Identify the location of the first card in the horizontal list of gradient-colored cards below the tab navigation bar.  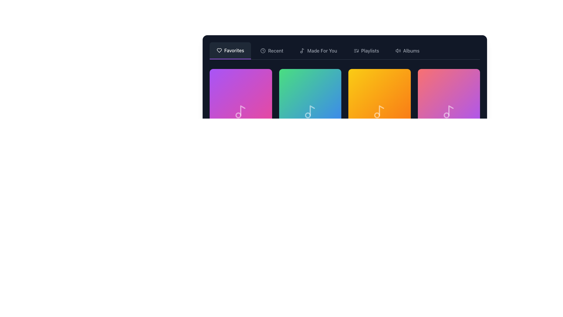
(241, 100).